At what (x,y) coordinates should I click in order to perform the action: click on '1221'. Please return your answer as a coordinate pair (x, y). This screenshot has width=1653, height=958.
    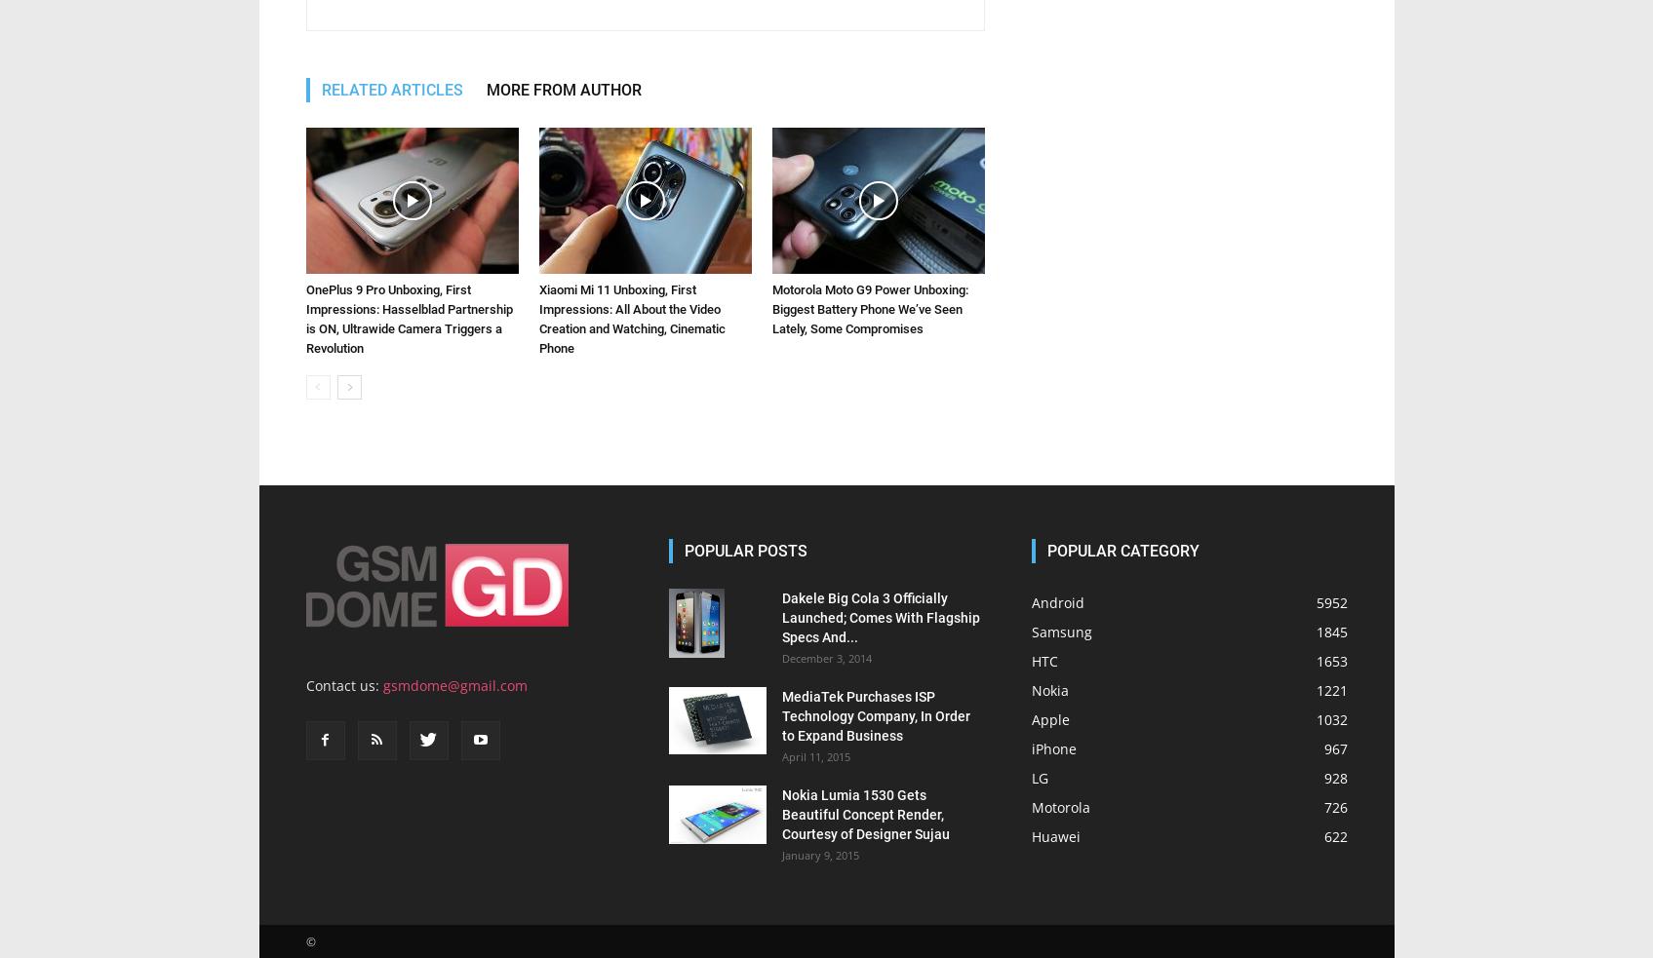
    Looking at the image, I should click on (1330, 421).